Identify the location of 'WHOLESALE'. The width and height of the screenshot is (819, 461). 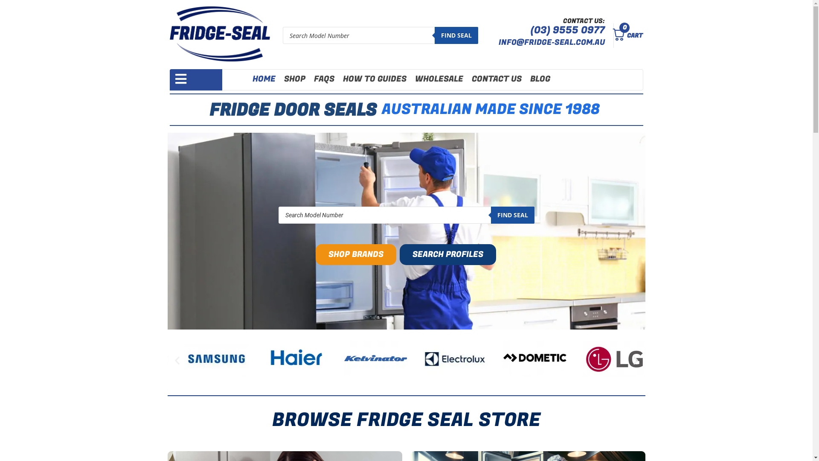
(439, 79).